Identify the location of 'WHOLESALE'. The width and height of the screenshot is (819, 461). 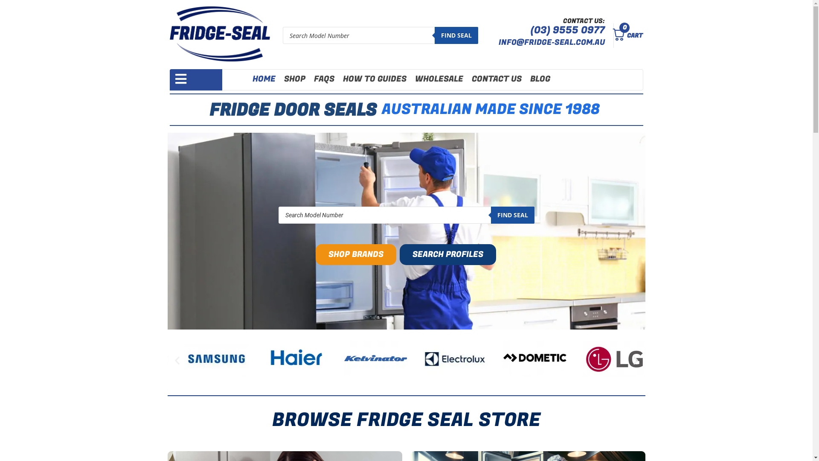
(439, 79).